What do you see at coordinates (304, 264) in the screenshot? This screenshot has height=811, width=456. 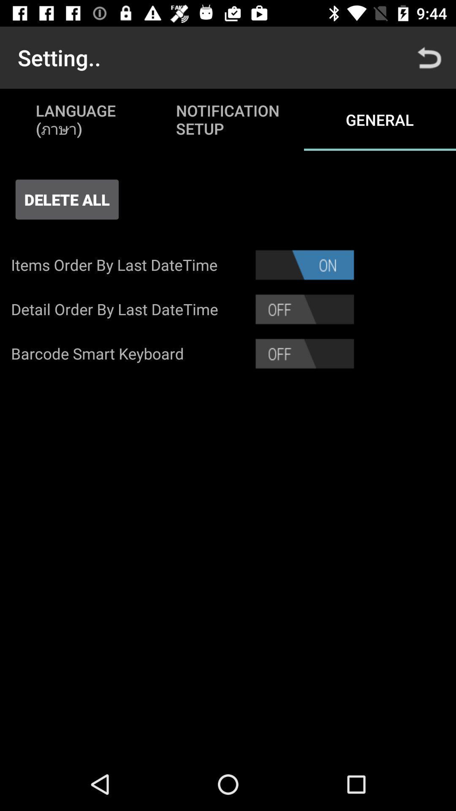 I see `items order by last datetime` at bounding box center [304, 264].